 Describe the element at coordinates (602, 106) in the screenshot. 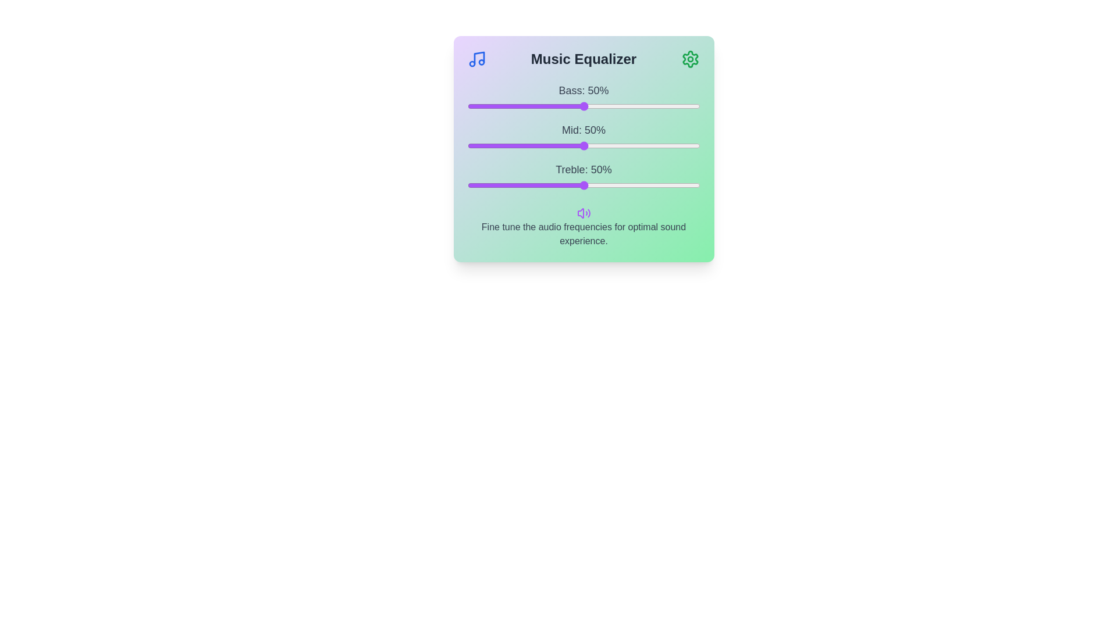

I see `the bass slider to 58%` at that location.